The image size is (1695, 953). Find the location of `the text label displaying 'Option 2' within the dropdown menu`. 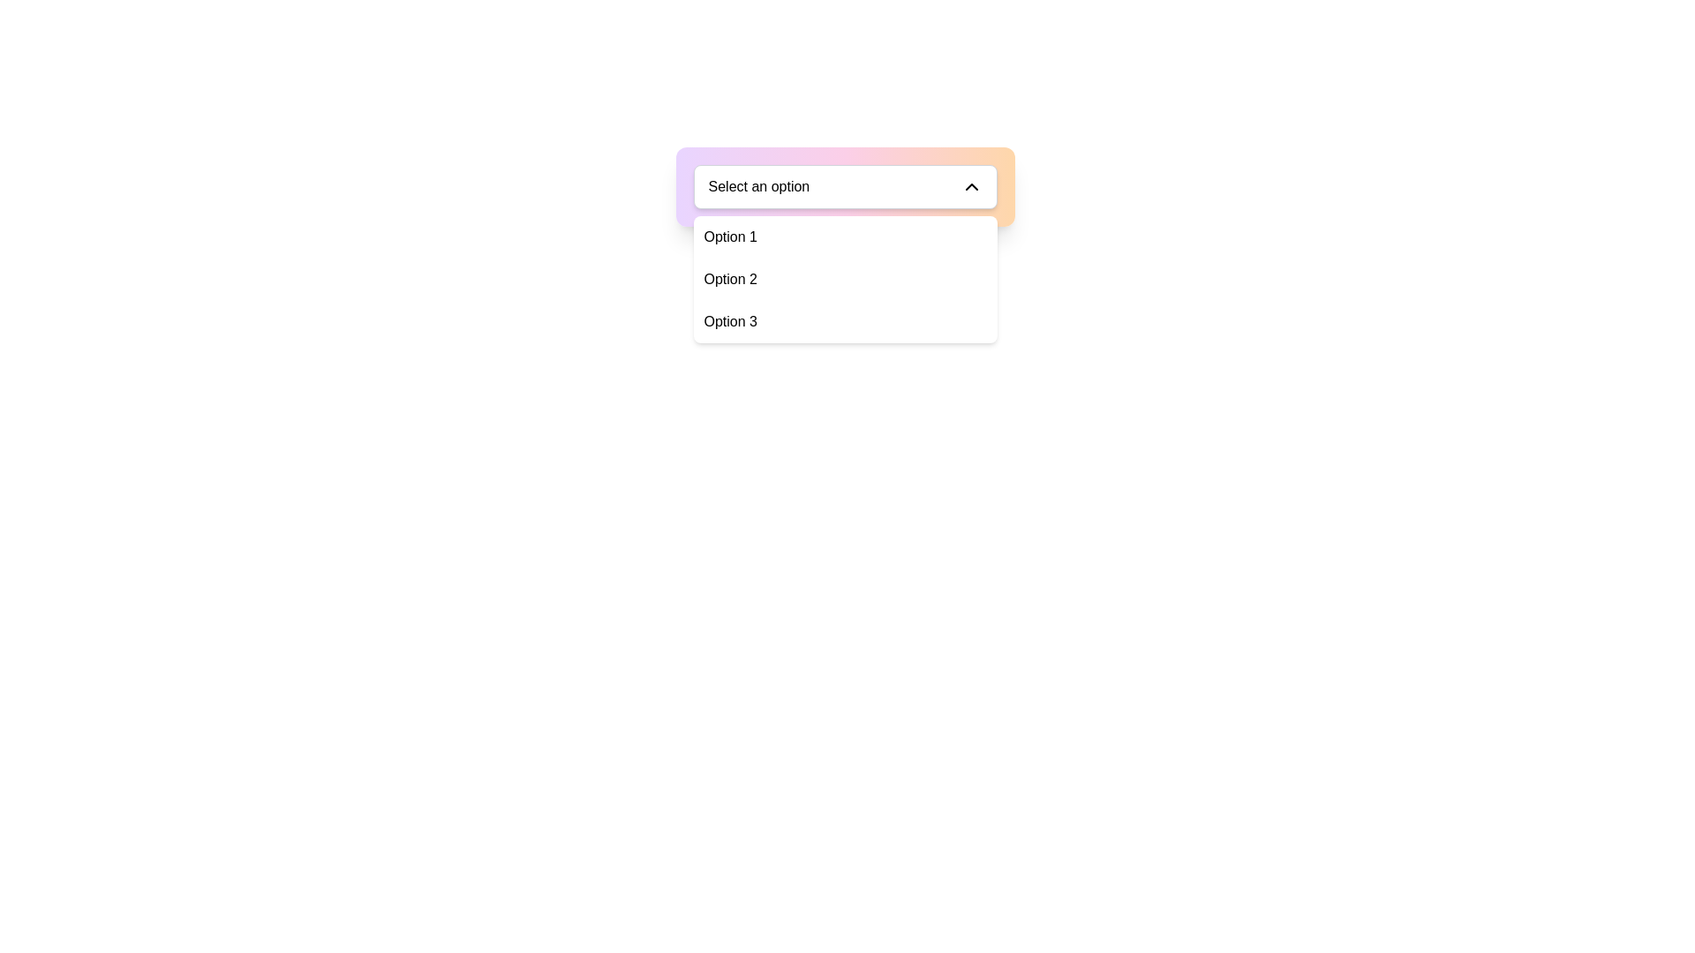

the text label displaying 'Option 2' within the dropdown menu is located at coordinates (730, 278).